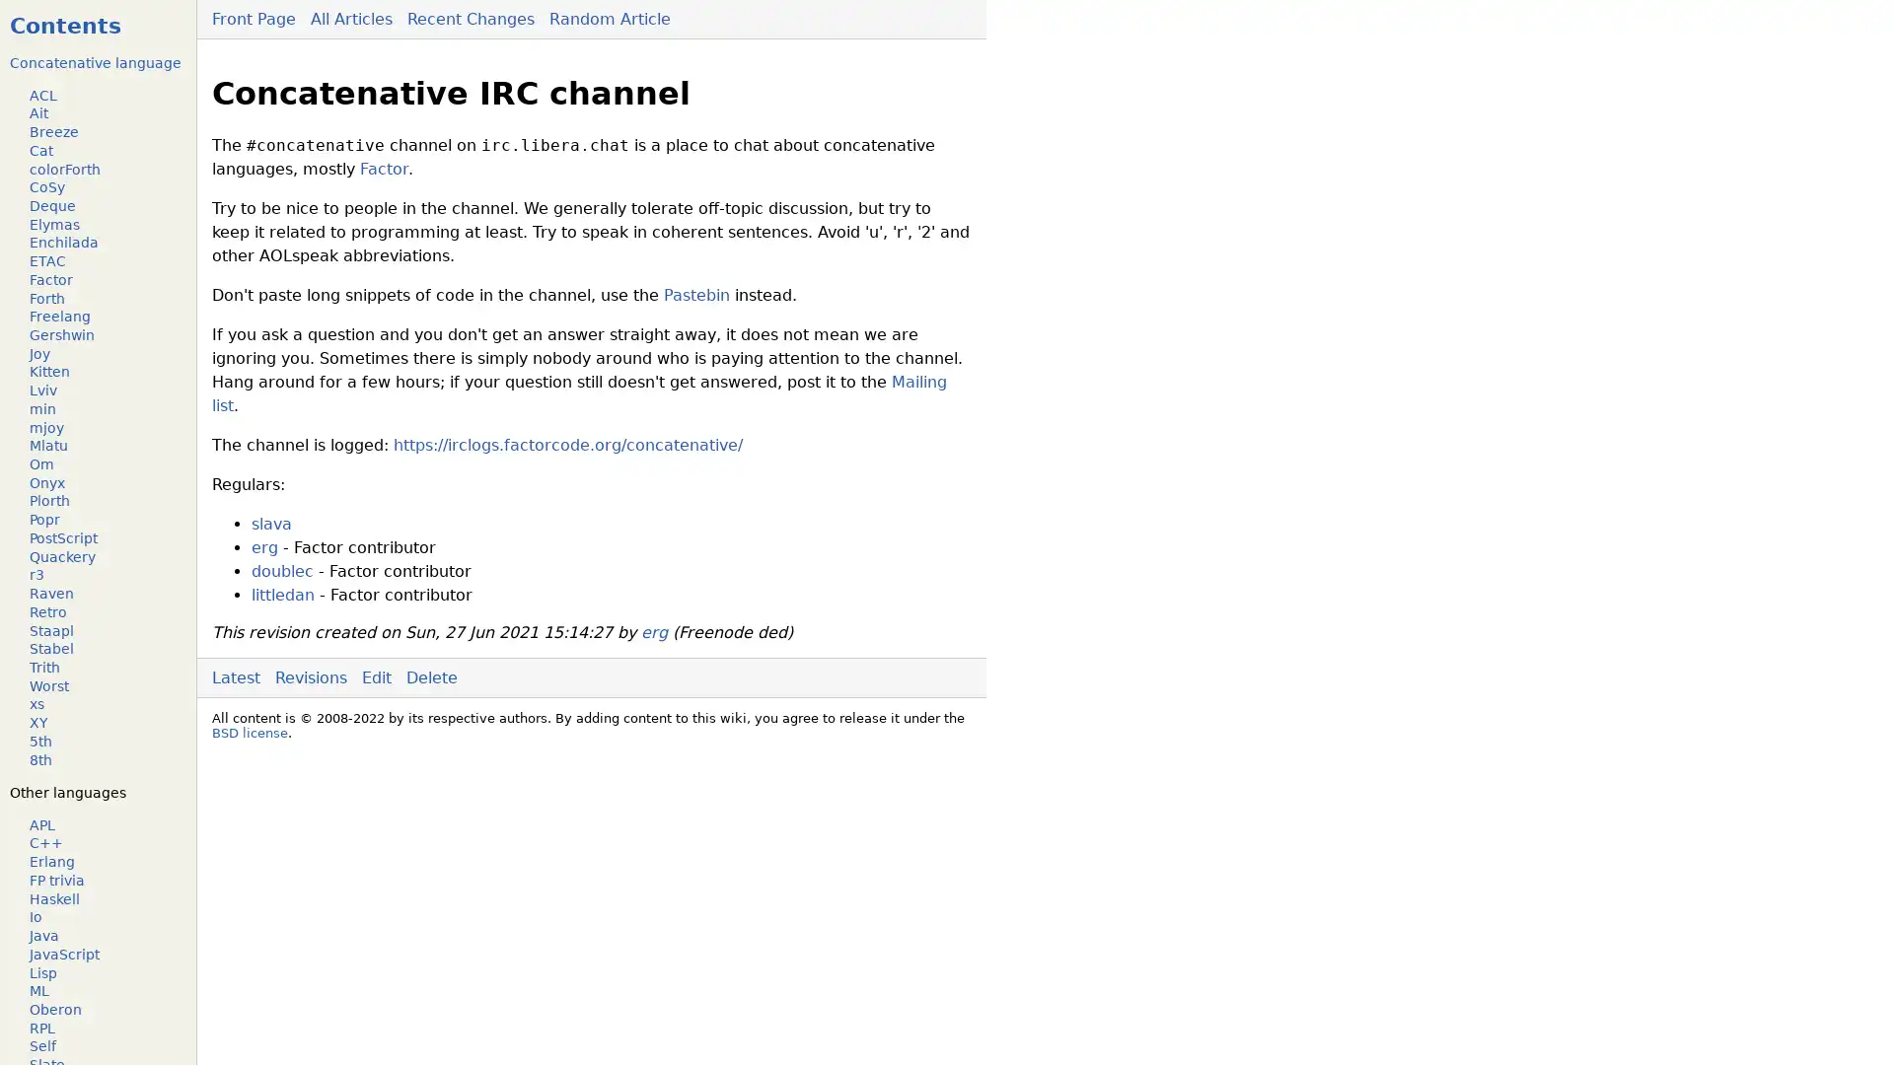  I want to click on Delete, so click(430, 675).